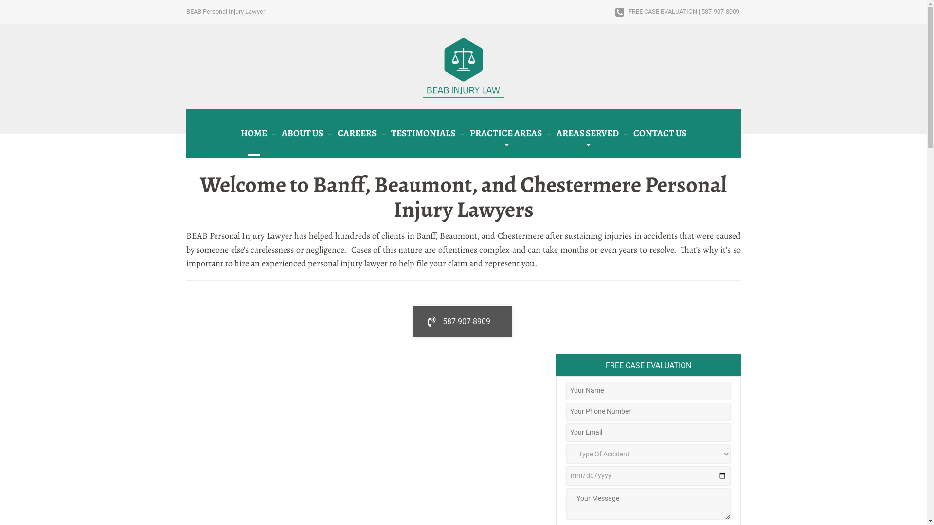  I want to click on 'FREE CASE EVALUATION | 587-907-8909', so click(677, 12).